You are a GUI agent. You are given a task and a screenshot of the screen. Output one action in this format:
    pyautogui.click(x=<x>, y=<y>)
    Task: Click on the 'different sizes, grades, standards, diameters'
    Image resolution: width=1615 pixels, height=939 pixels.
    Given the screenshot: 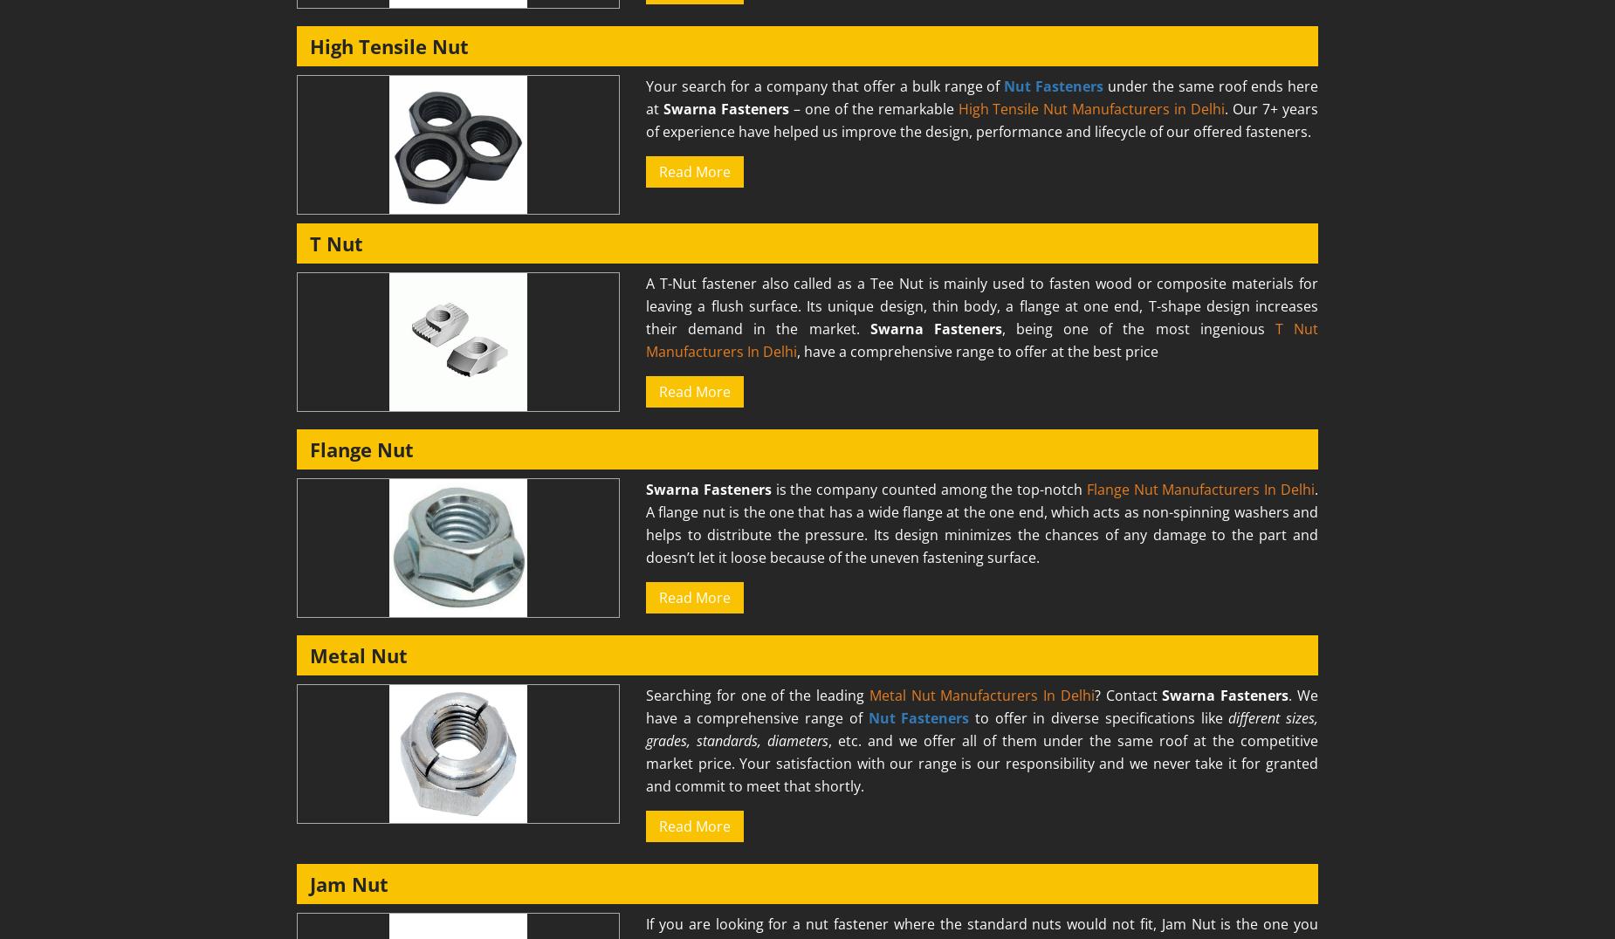 What is the action you would take?
    pyautogui.click(x=980, y=729)
    